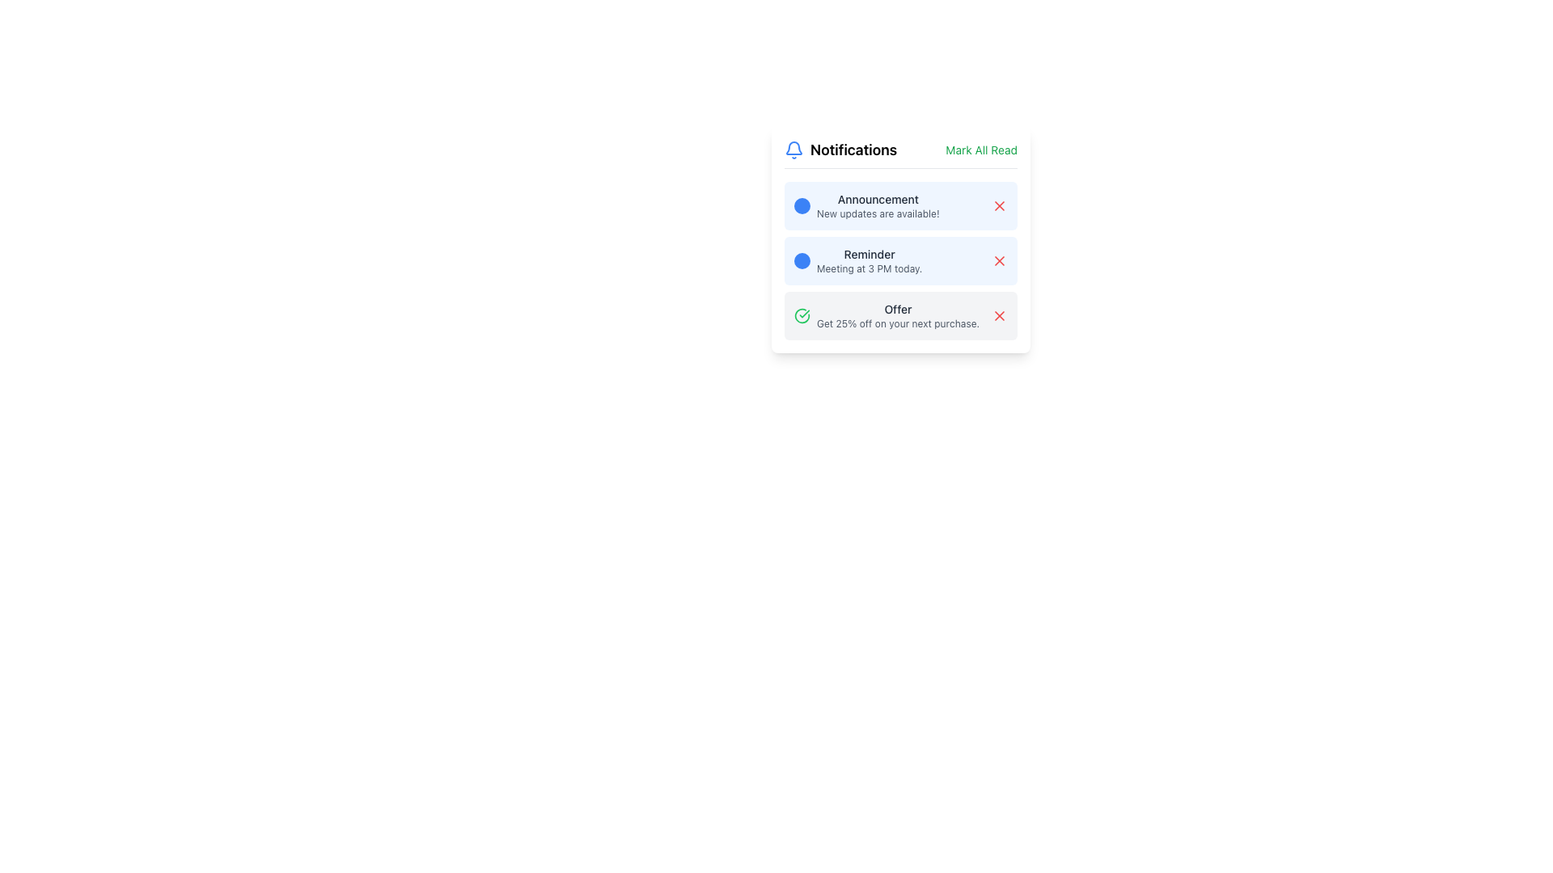  I want to click on the small circular visual indicator with a blue background located to the left of the 'Meeting at 3 PM today' text, so click(802, 260).